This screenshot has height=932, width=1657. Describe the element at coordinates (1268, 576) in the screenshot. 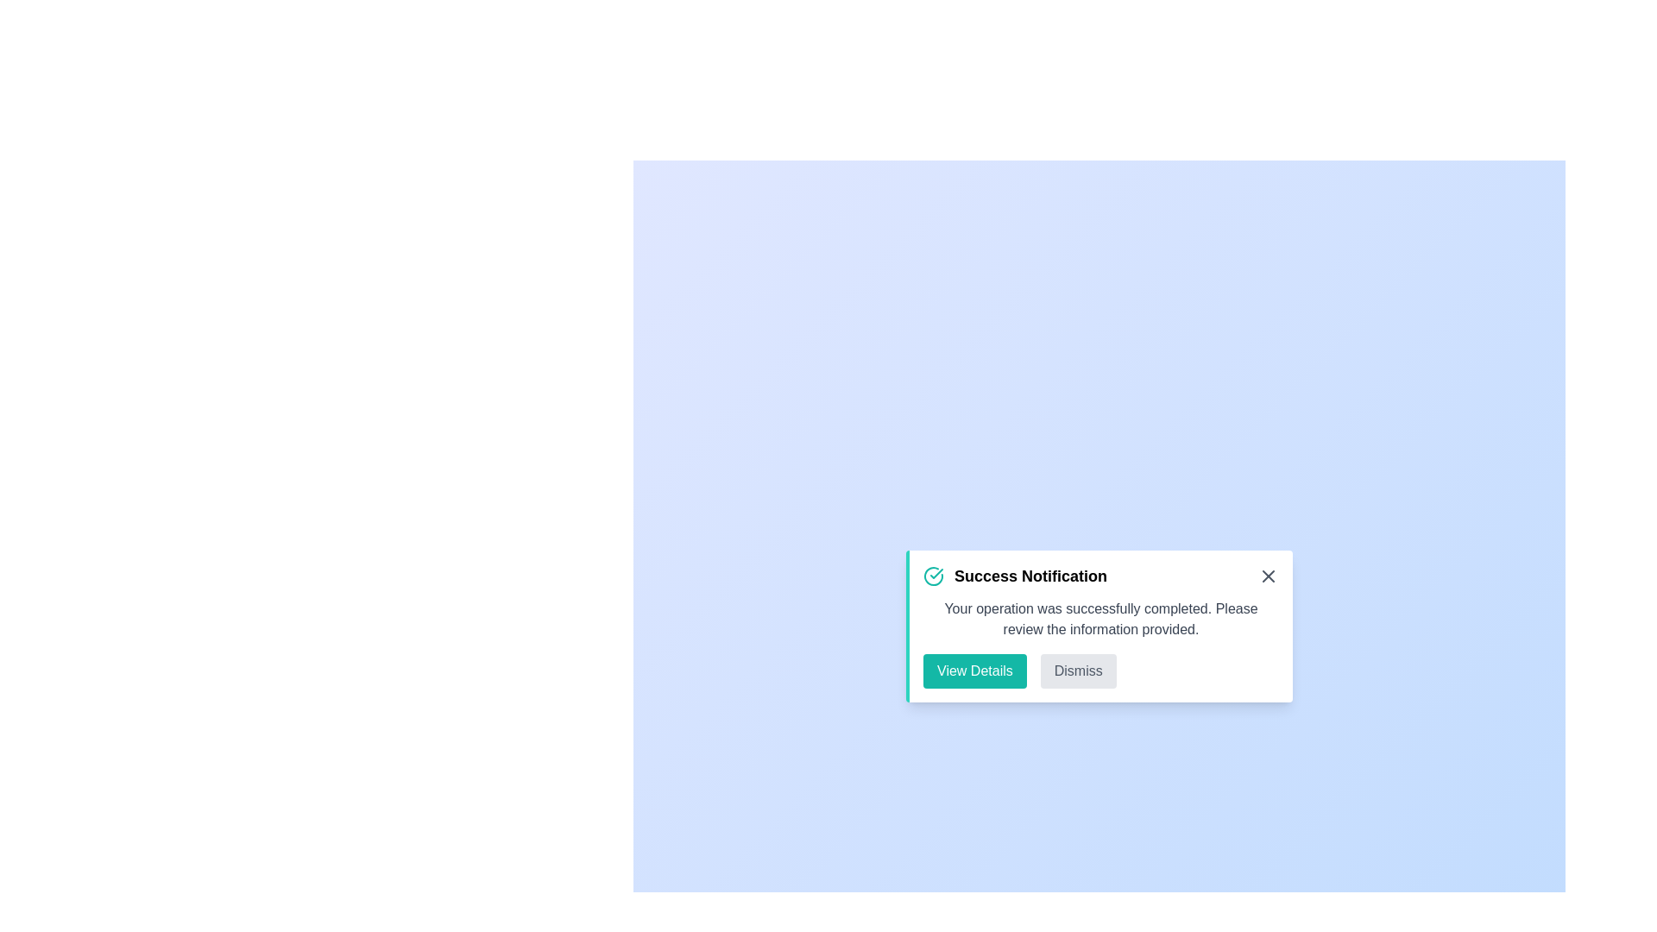

I see `the 'X' button to close the notification` at that location.